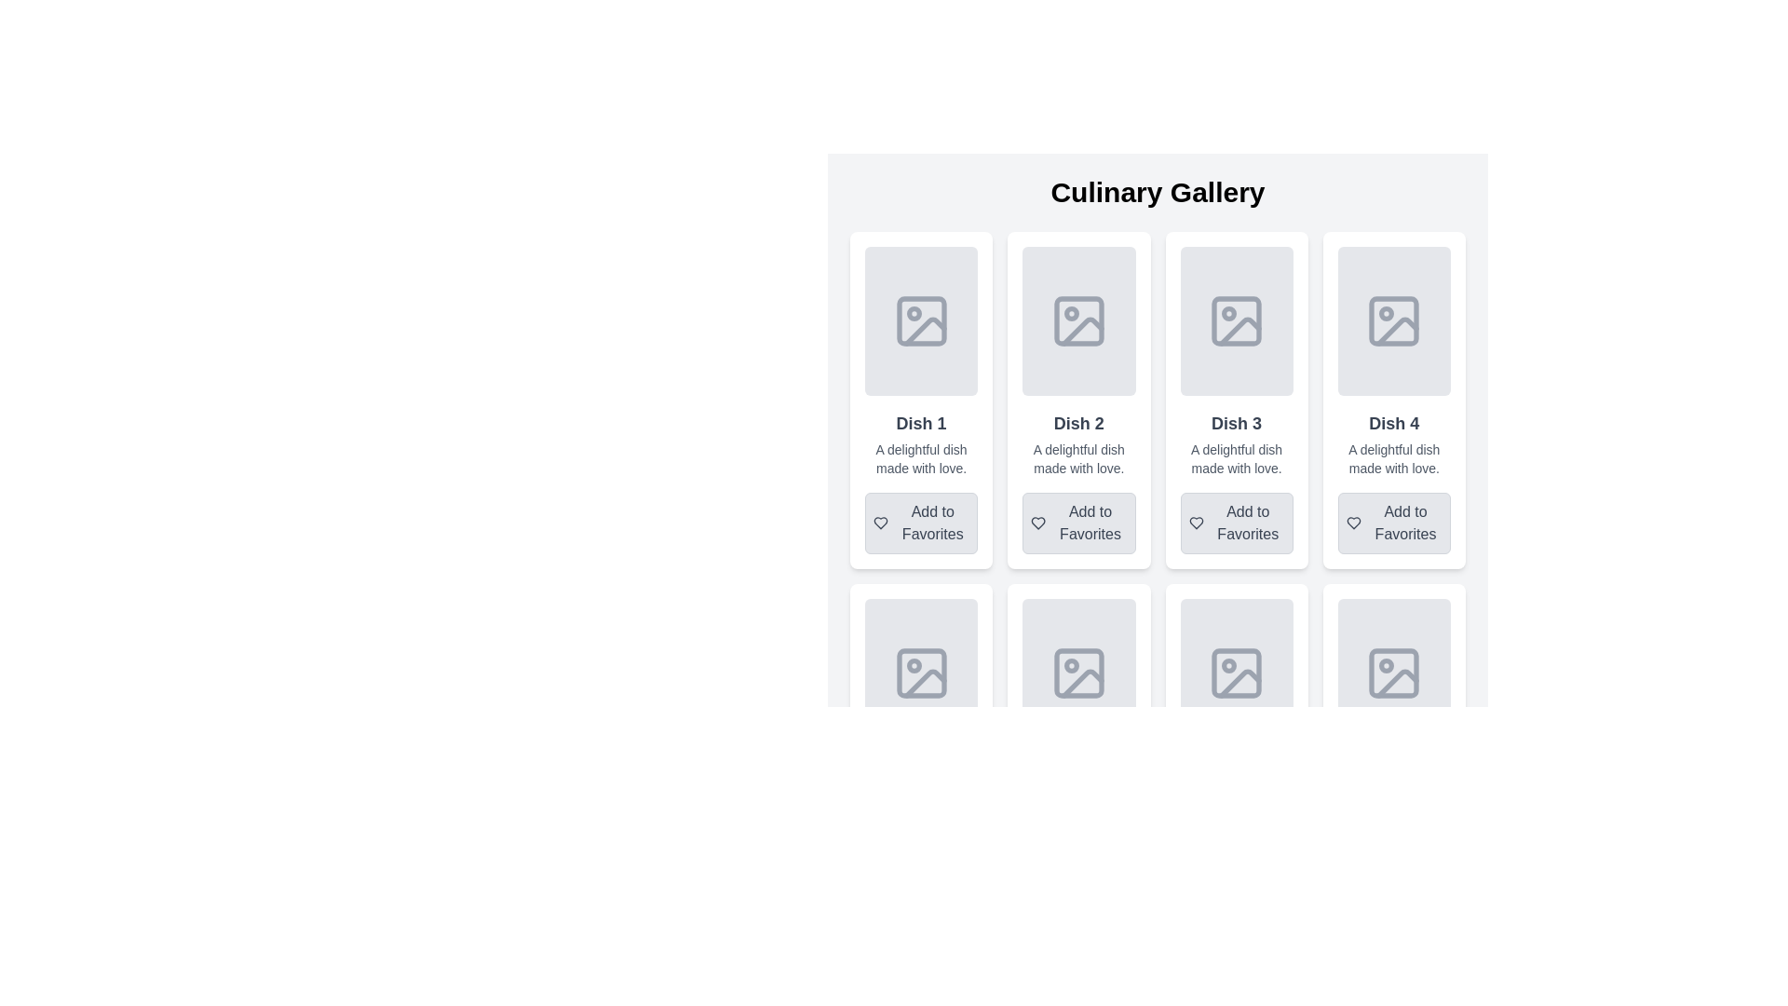 The width and height of the screenshot is (1788, 1006). I want to click on the heart icon located in the 'Dish 3' card of the 'Culinary Gallery', so click(1195, 523).